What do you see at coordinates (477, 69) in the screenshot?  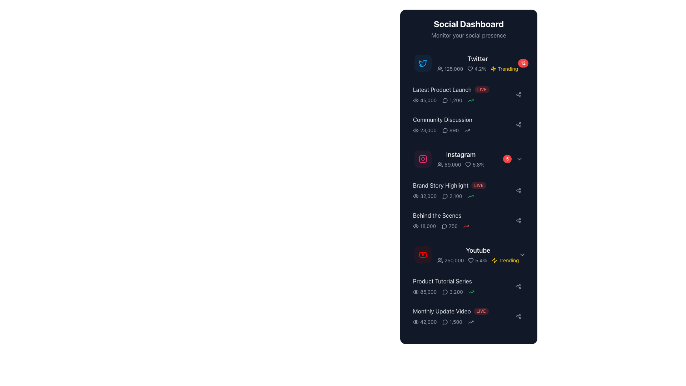 I see `the static text element displaying '4.2%' which is styled with a gray font and is the third item in the Twitter metrics row, positioned to the right of a heart icon` at bounding box center [477, 69].